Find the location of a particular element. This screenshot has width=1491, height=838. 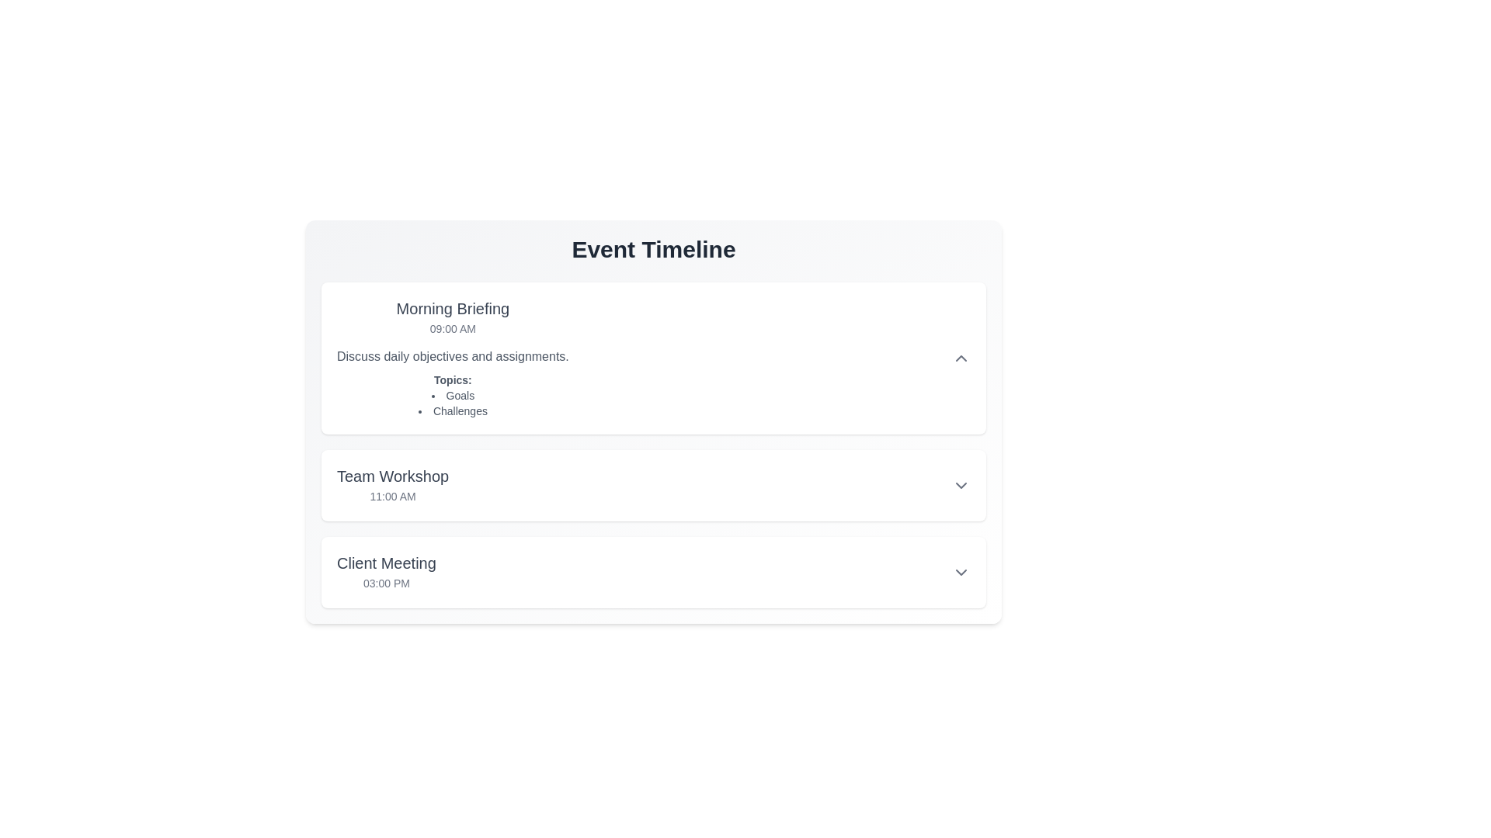

details of the scheduled event entry located in the third section of the vertical event timeline, beneath the 'Team Workshop' entry labeled '11:00 AM' is located at coordinates (386, 572).